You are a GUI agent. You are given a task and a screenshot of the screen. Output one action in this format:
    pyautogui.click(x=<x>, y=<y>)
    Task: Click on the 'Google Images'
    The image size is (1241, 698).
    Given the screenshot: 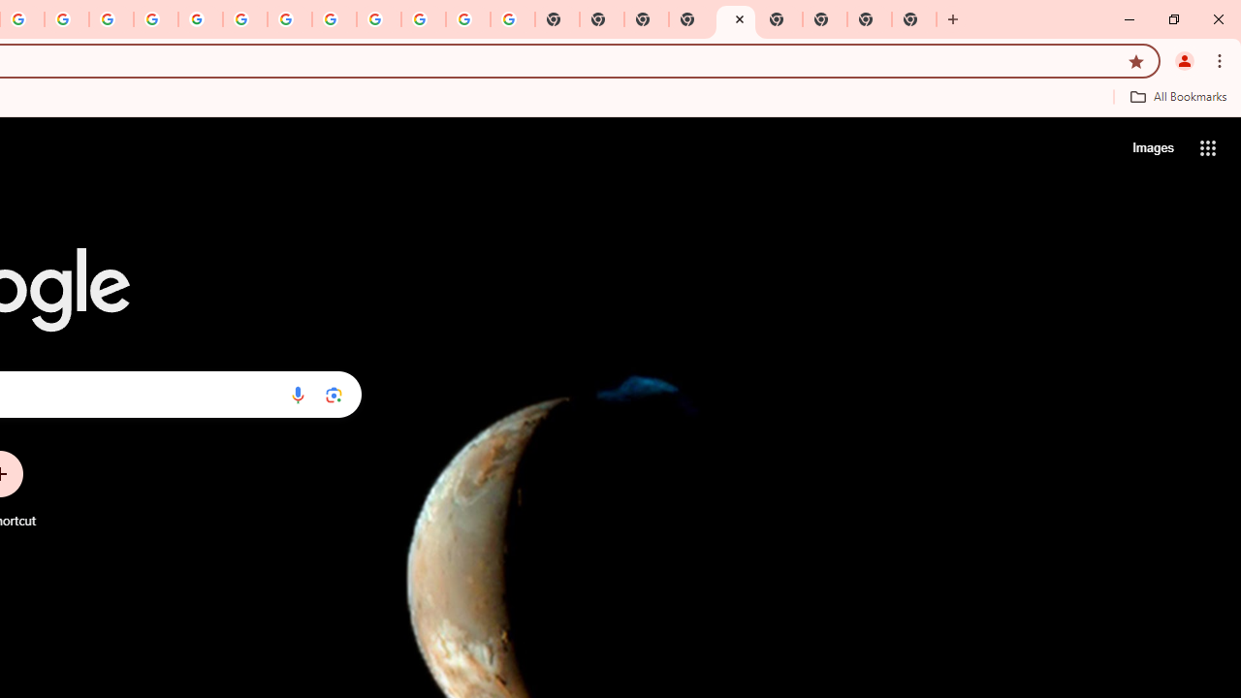 What is the action you would take?
    pyautogui.click(x=512, y=19)
    